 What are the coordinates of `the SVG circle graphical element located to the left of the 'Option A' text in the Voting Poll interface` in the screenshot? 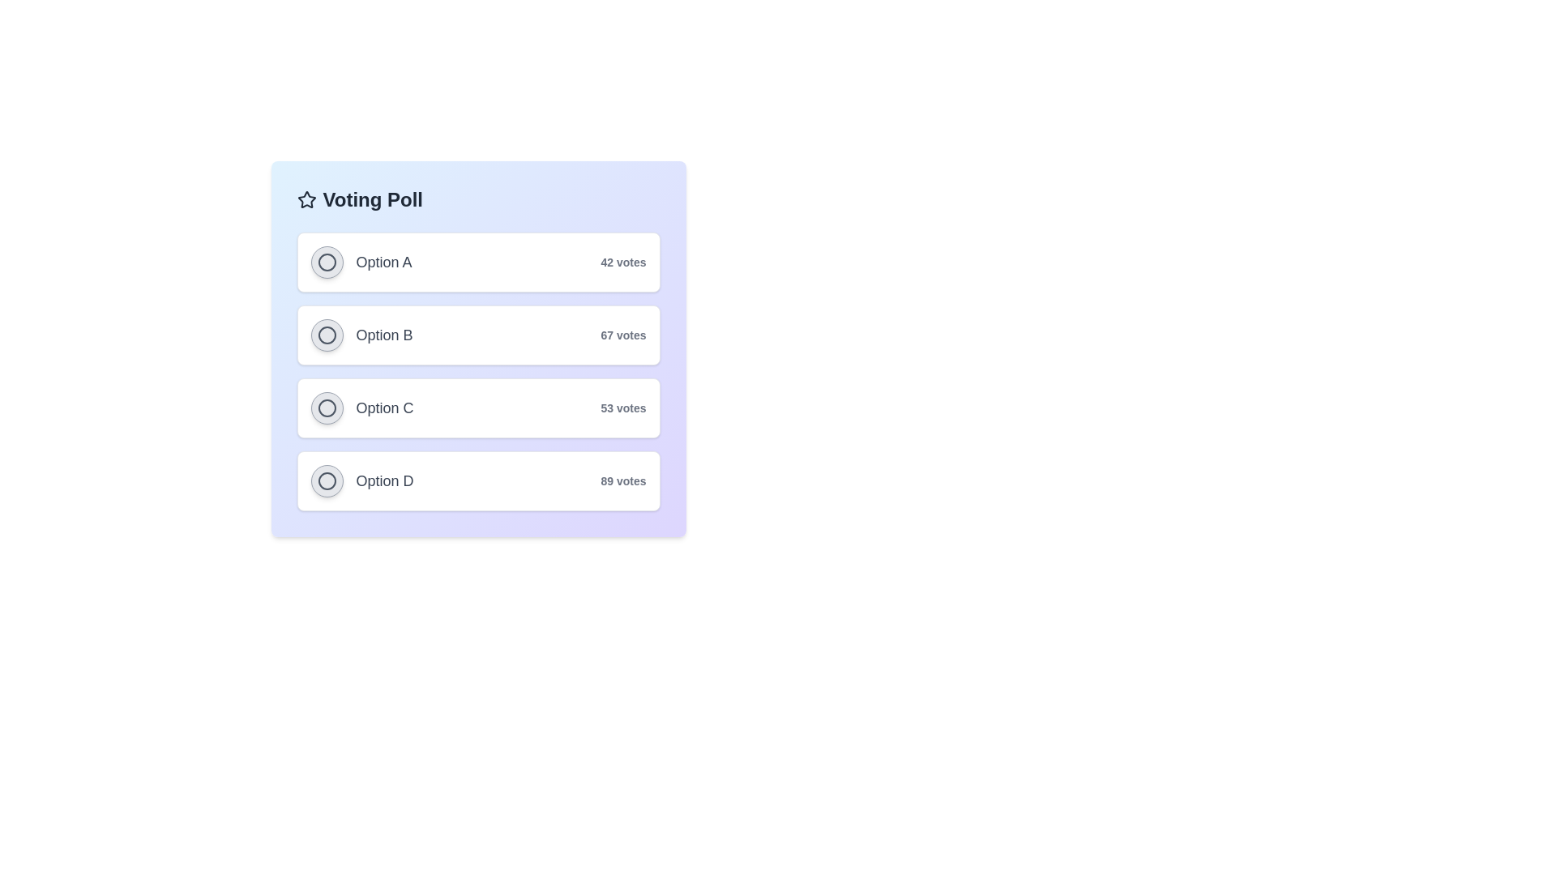 It's located at (326, 262).